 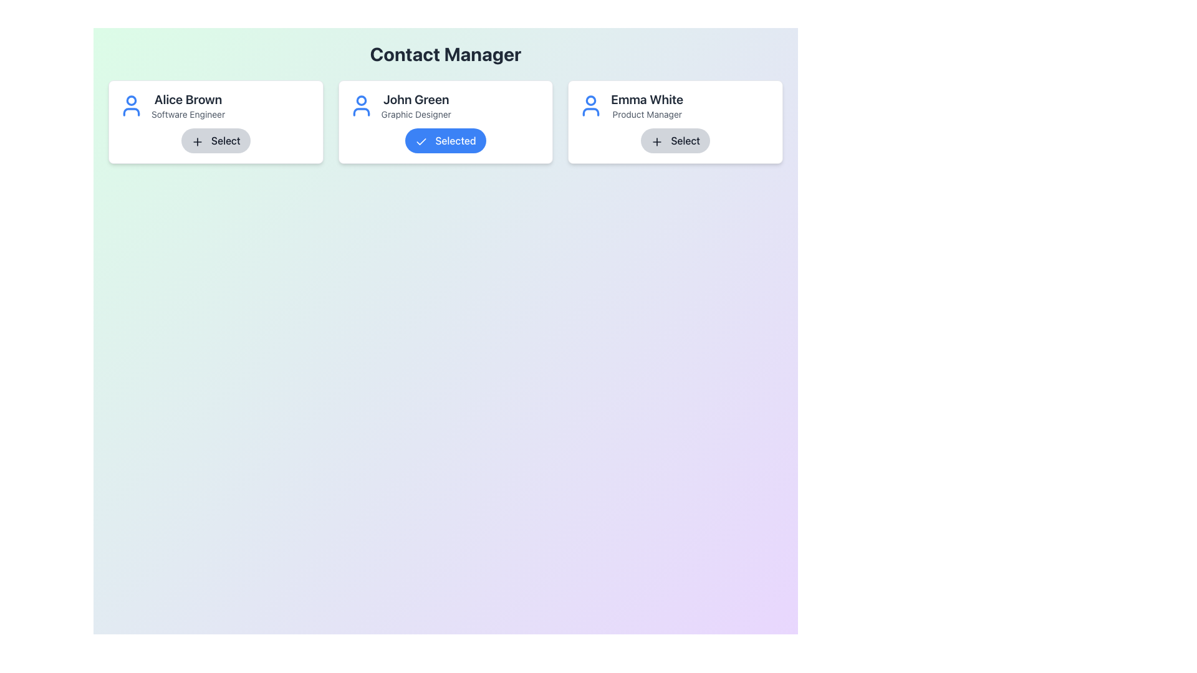 What do you see at coordinates (446, 105) in the screenshot?
I see `the Text and Icon Combination displaying 'John Green' and 'Graphic Designer' under the 'Contact Manager' heading` at bounding box center [446, 105].